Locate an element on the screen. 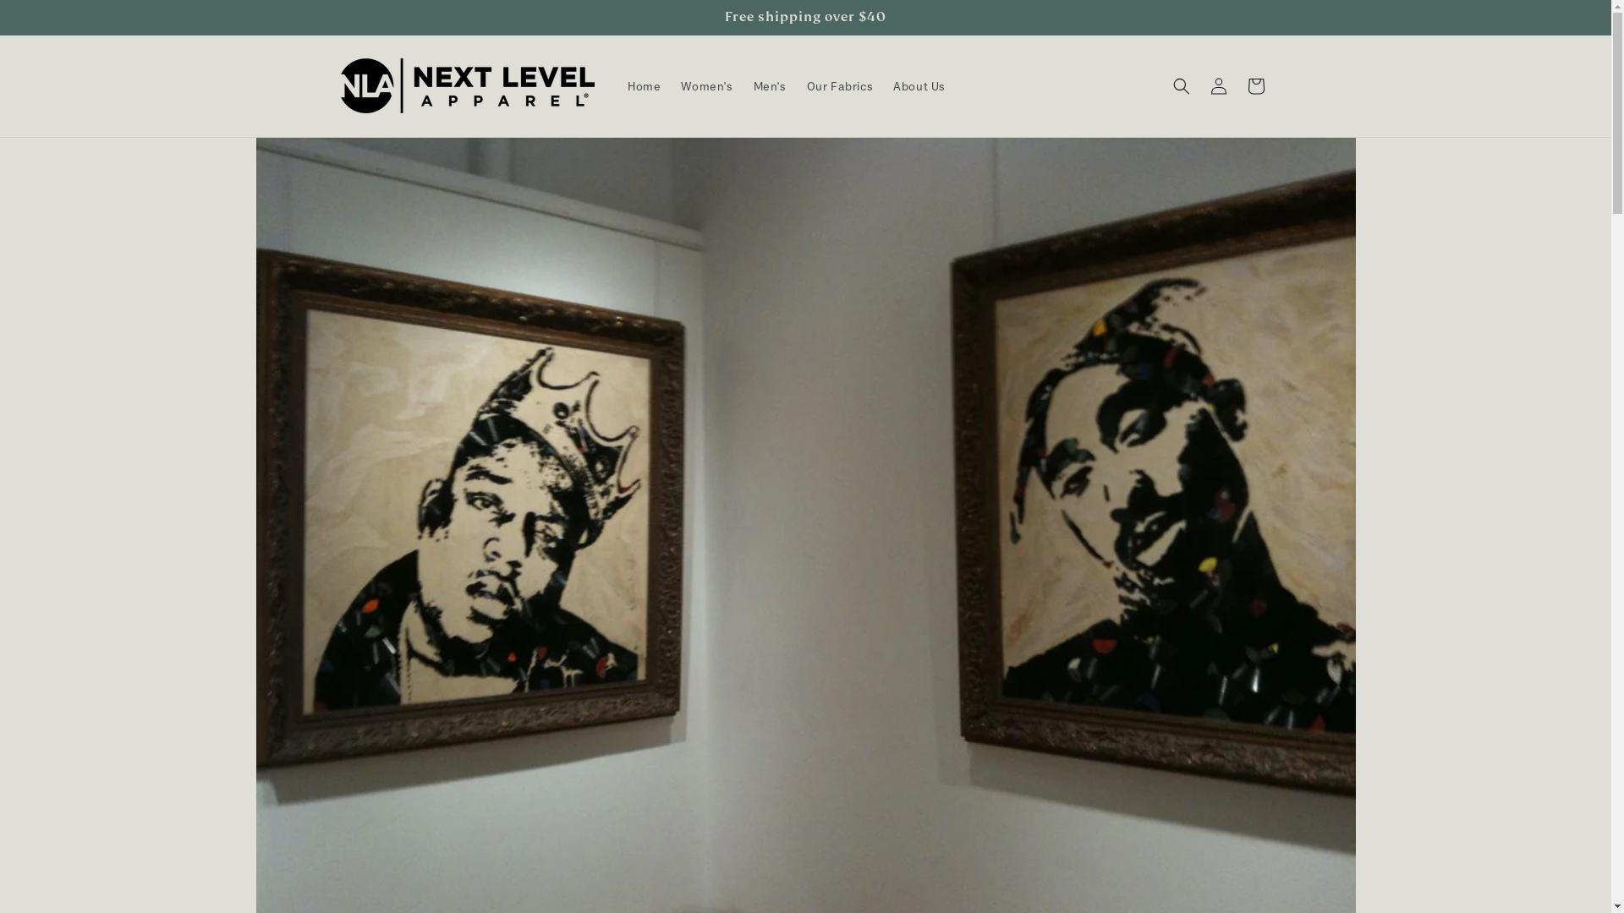  'Cart' is located at coordinates (1237, 85).